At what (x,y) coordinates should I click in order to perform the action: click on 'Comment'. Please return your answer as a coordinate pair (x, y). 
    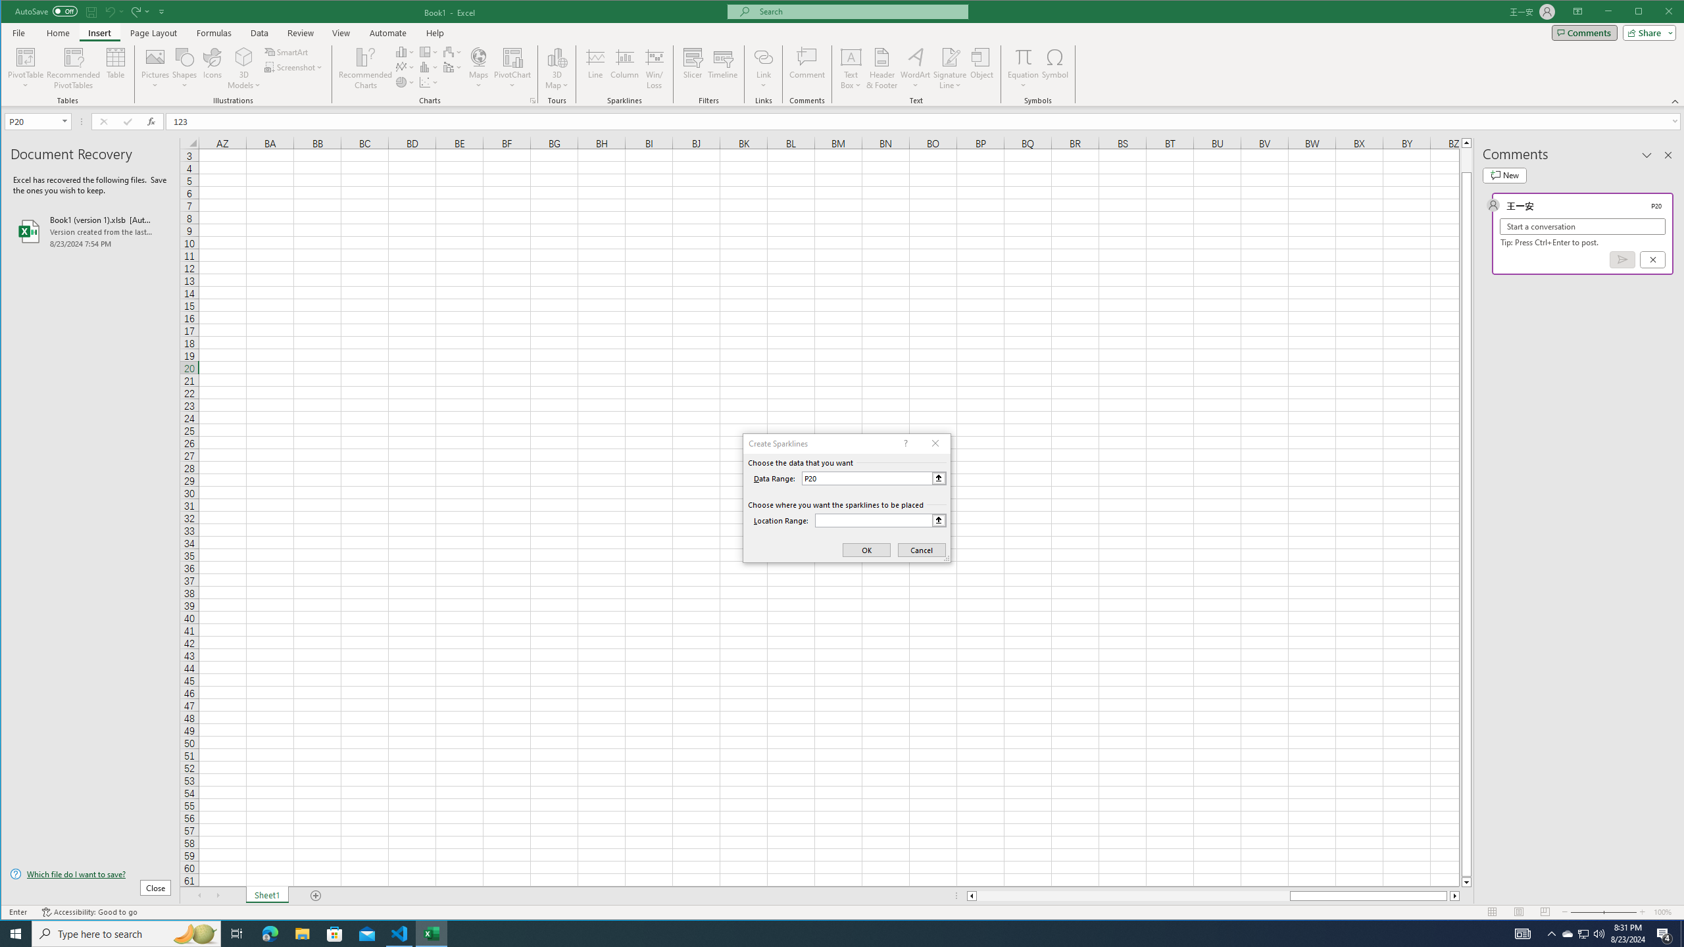
    Looking at the image, I should click on (807, 68).